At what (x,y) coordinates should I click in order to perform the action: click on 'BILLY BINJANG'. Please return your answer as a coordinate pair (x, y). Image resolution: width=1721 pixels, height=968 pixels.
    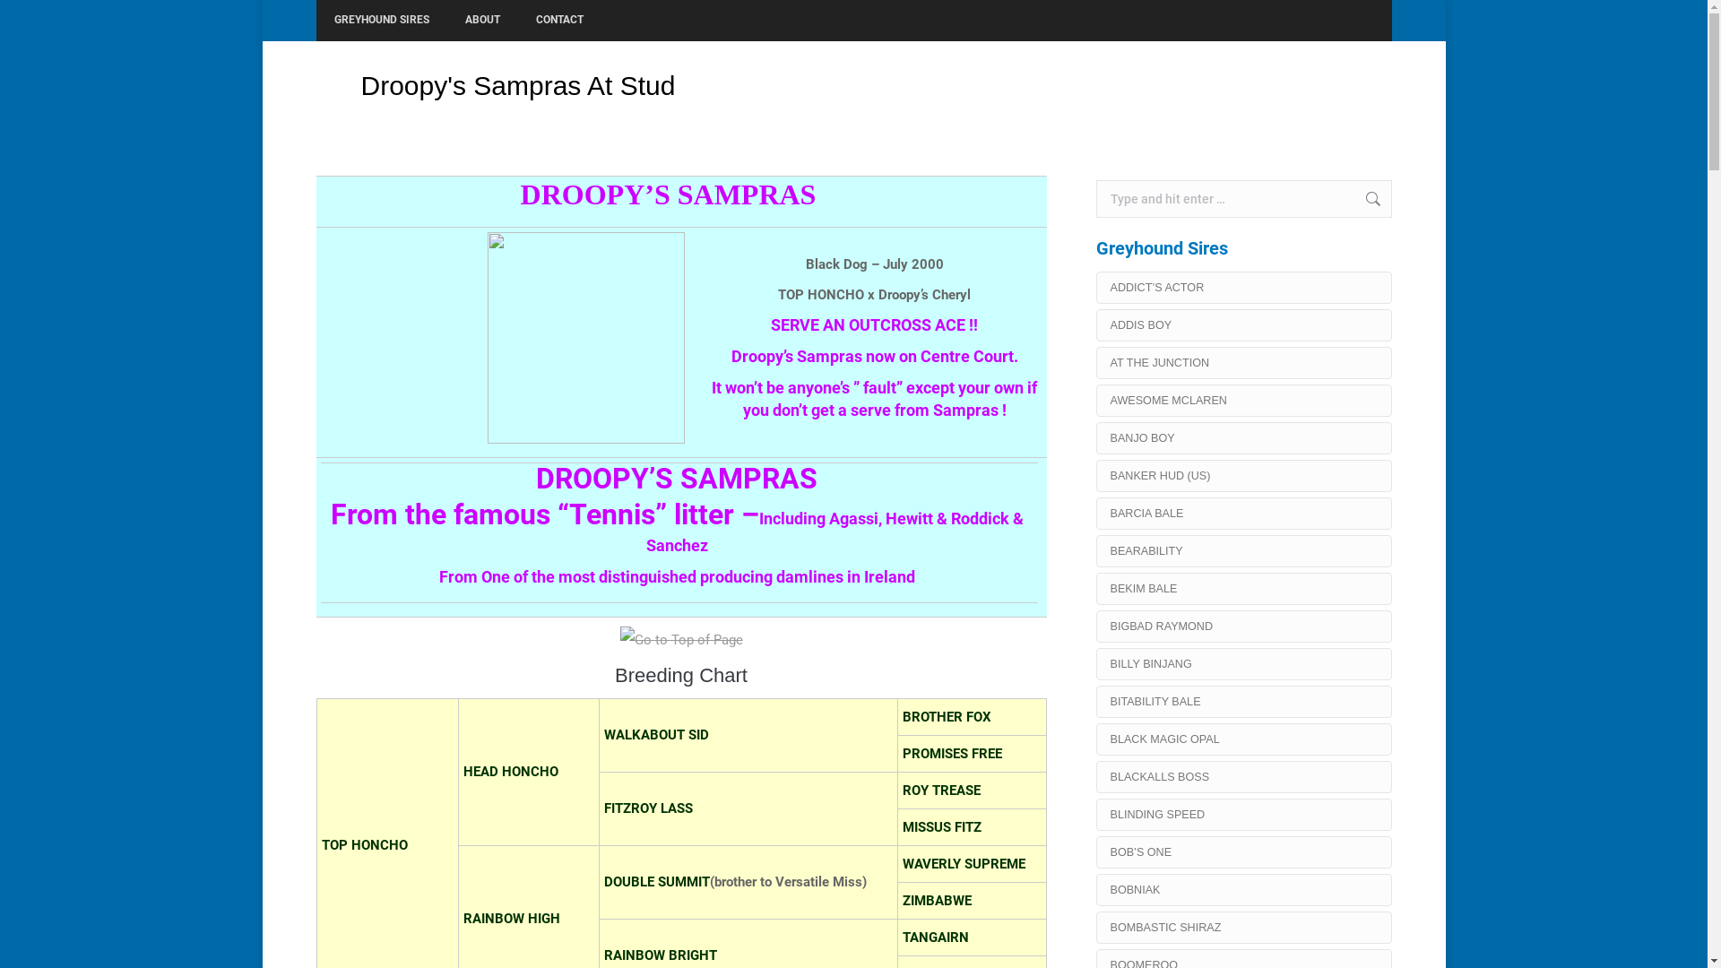
    Looking at the image, I should click on (1242, 663).